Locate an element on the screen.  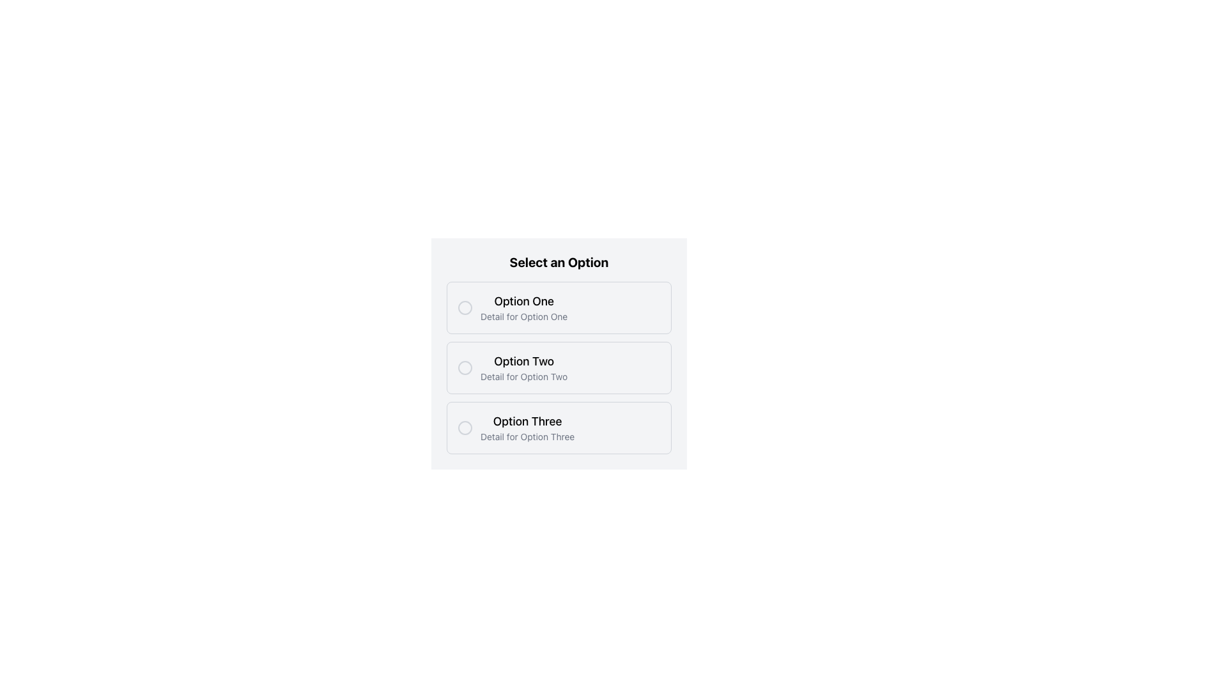
the first selectable option that has a circular outline icon on the left, the text 'Option One' in bold black font, and a smaller text 'Detail for Option One' in gray below it is located at coordinates (559, 308).